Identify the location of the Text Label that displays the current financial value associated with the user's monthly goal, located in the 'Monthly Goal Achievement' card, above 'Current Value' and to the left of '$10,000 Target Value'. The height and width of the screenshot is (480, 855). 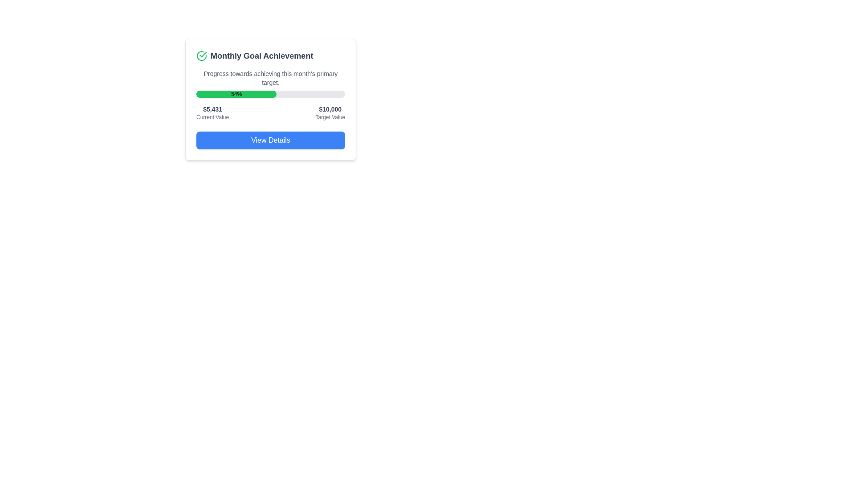
(212, 109).